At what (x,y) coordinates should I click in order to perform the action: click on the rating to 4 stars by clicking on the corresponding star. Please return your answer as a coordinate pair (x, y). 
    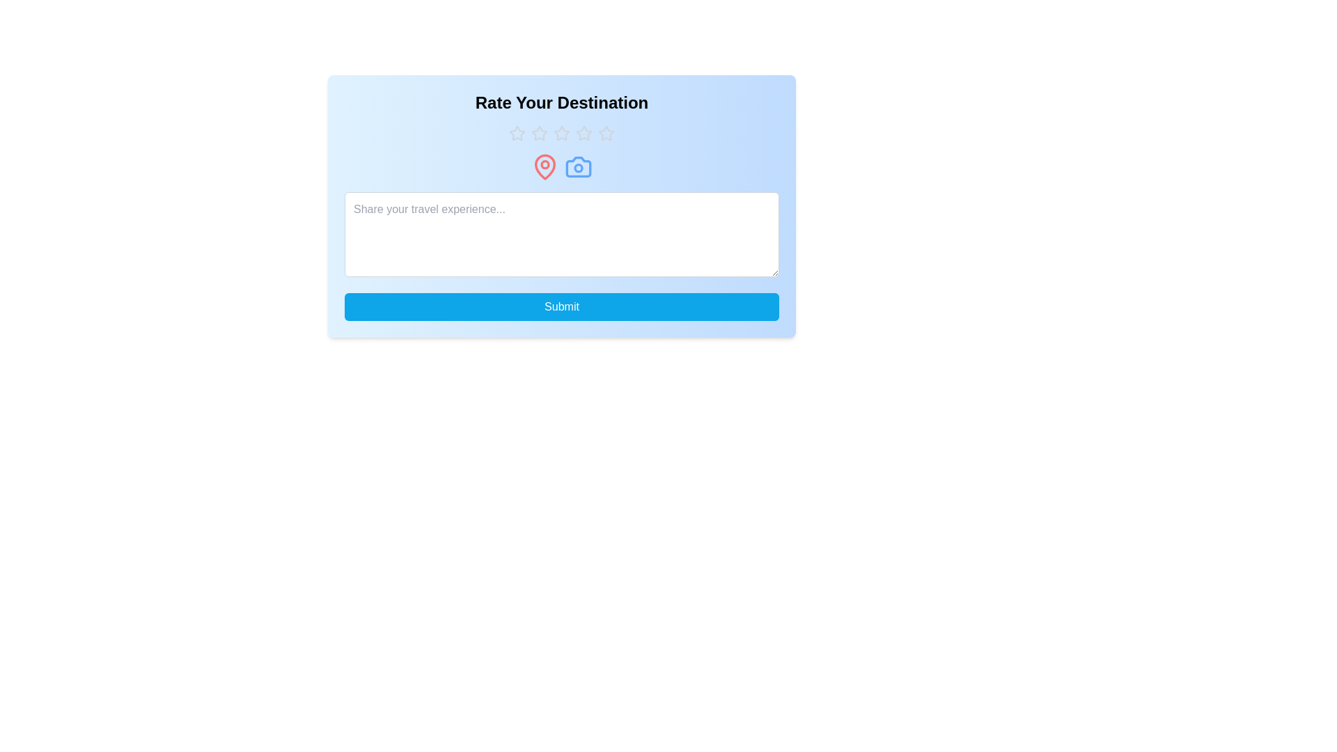
    Looking at the image, I should click on (584, 134).